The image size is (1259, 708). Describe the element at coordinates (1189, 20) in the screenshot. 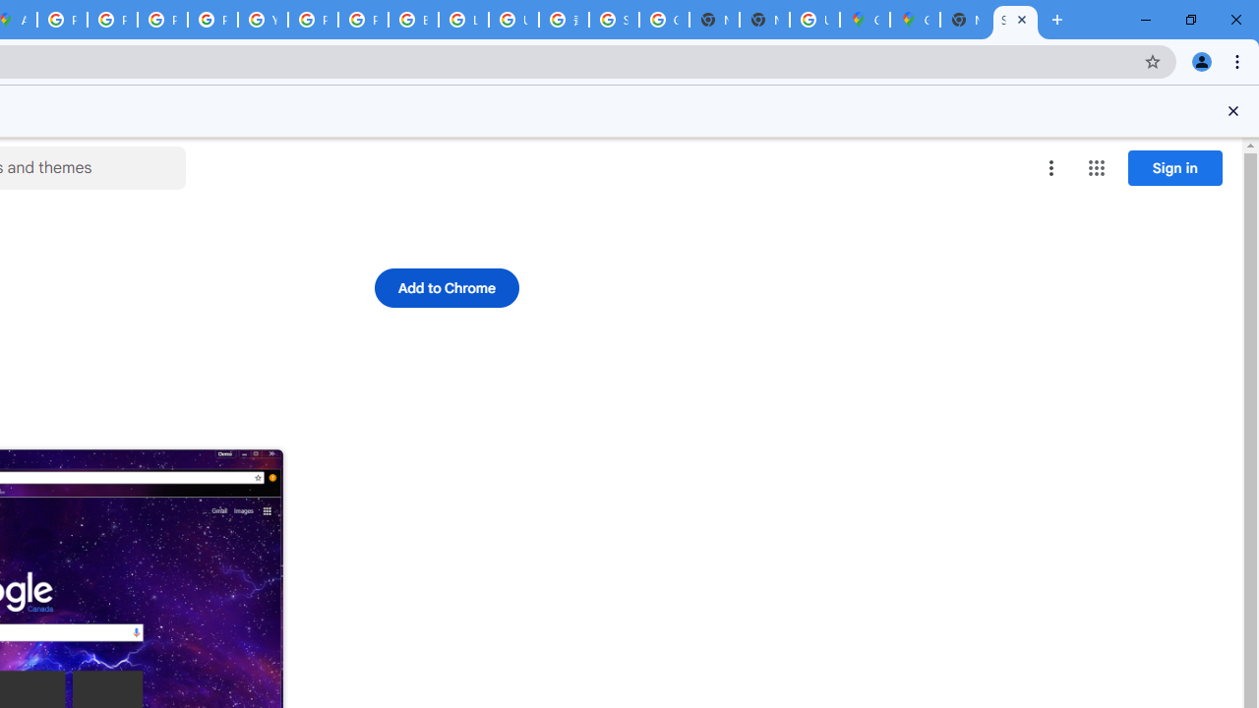

I see `'Restore'` at that location.